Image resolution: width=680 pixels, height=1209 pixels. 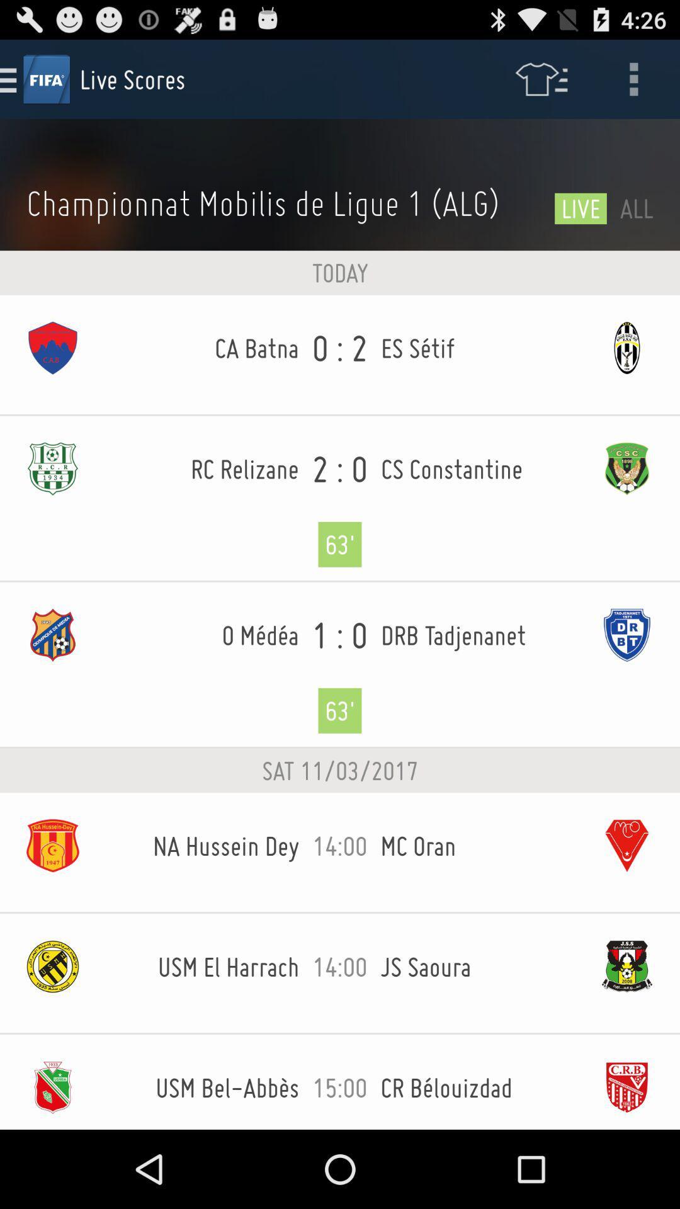 What do you see at coordinates (477, 846) in the screenshot?
I see `the item next to 14:00 item` at bounding box center [477, 846].